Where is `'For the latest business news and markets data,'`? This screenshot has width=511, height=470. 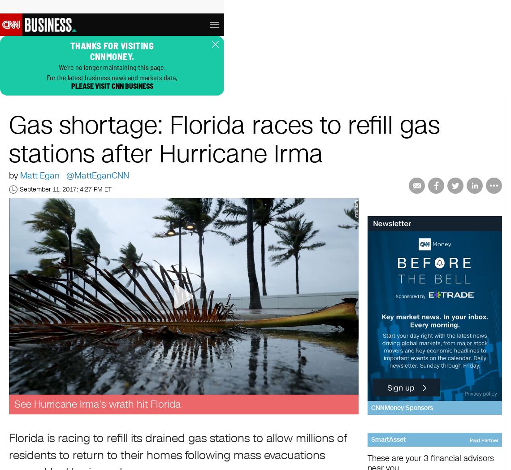
'For the latest business news and markets data,' is located at coordinates (112, 77).